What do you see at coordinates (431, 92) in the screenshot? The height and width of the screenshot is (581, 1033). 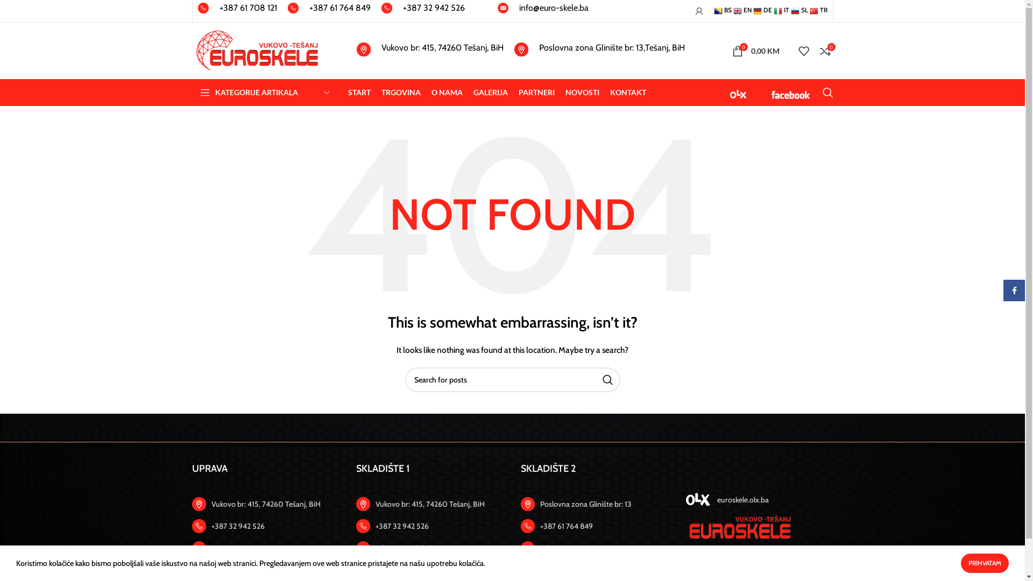 I see `'O NAMA'` at bounding box center [431, 92].